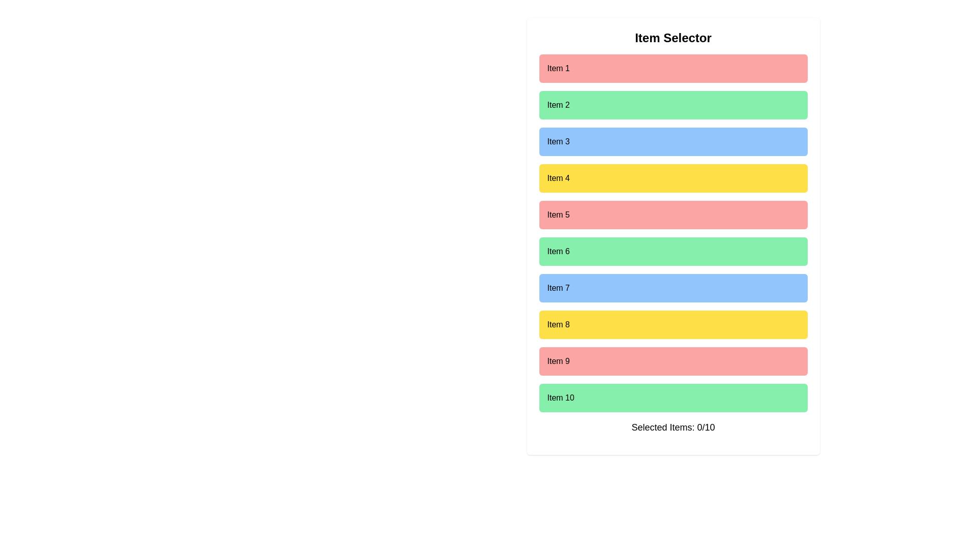 Image resolution: width=976 pixels, height=549 pixels. Describe the element at coordinates (558, 105) in the screenshot. I see `text label displaying 'Item 2', which is located within the second green section of a vertically stacked list of sections` at that location.